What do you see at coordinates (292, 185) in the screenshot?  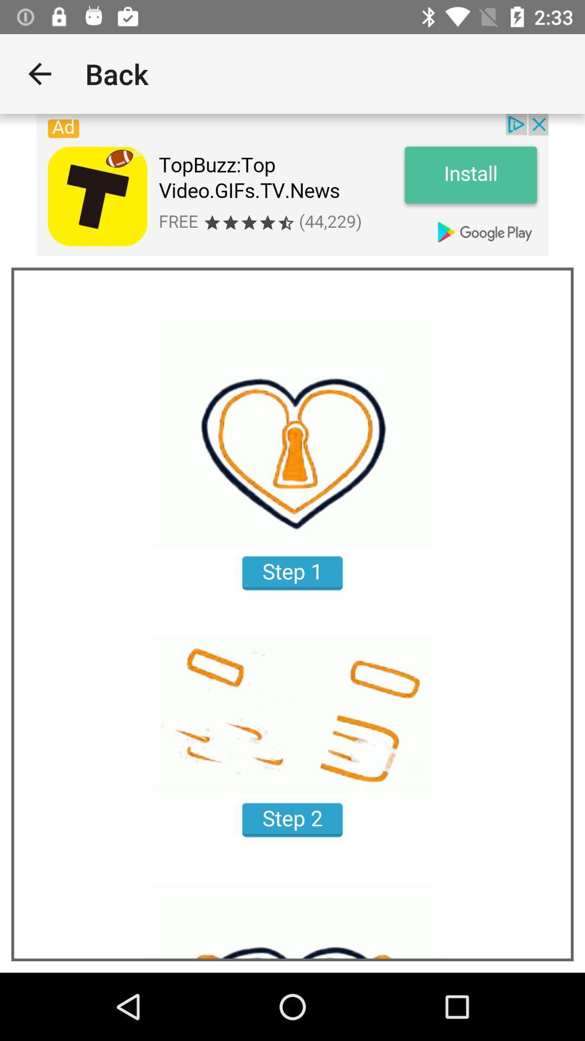 I see `advert pop up` at bounding box center [292, 185].